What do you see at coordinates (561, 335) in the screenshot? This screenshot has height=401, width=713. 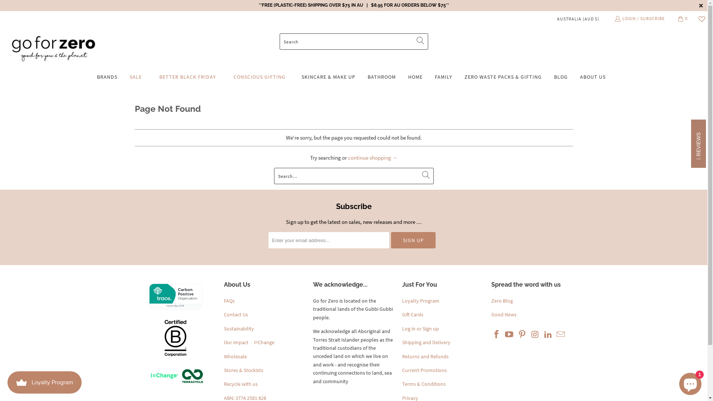 I see `'Email Go For Zero'` at bounding box center [561, 335].